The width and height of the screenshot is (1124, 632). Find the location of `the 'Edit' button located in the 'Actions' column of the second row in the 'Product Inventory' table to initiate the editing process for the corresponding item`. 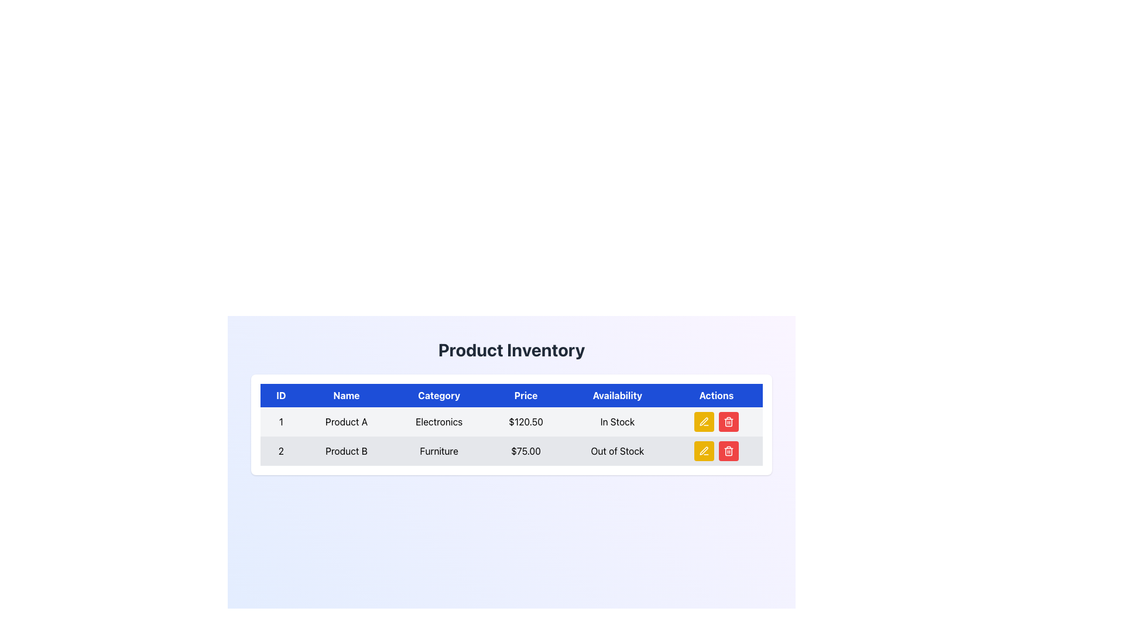

the 'Edit' button located in the 'Actions' column of the second row in the 'Product Inventory' table to initiate the editing process for the corresponding item is located at coordinates (703, 451).